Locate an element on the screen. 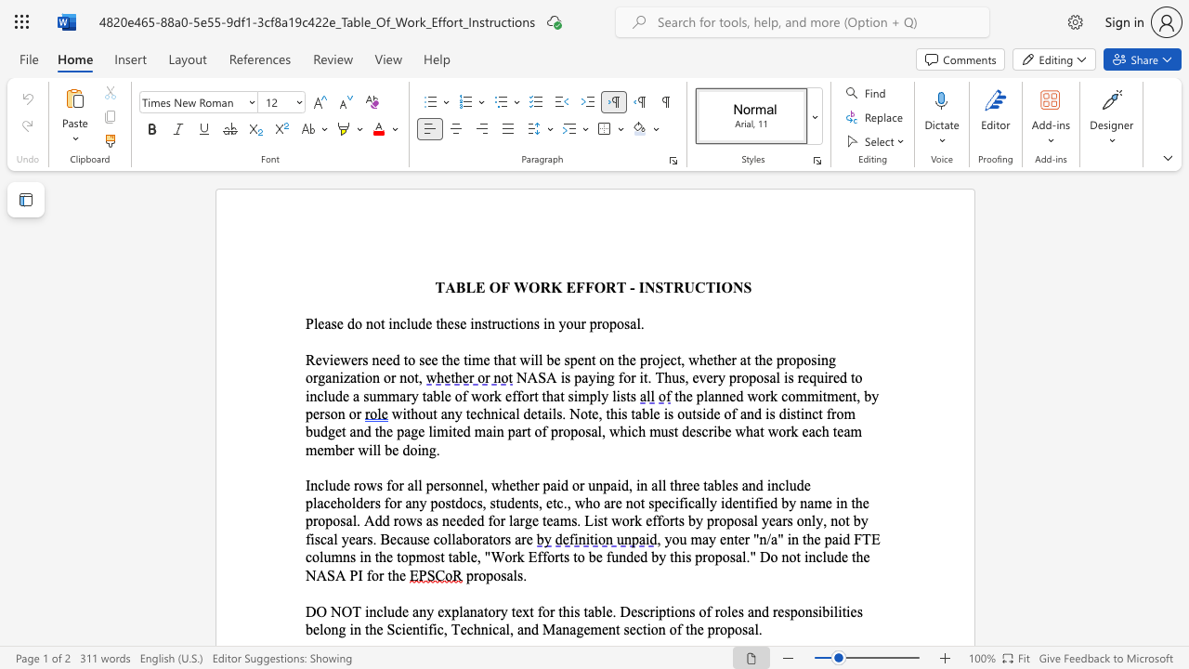 Image resolution: width=1189 pixels, height=669 pixels. the space between the continuous character "I" and "N" in the text is located at coordinates (646, 287).